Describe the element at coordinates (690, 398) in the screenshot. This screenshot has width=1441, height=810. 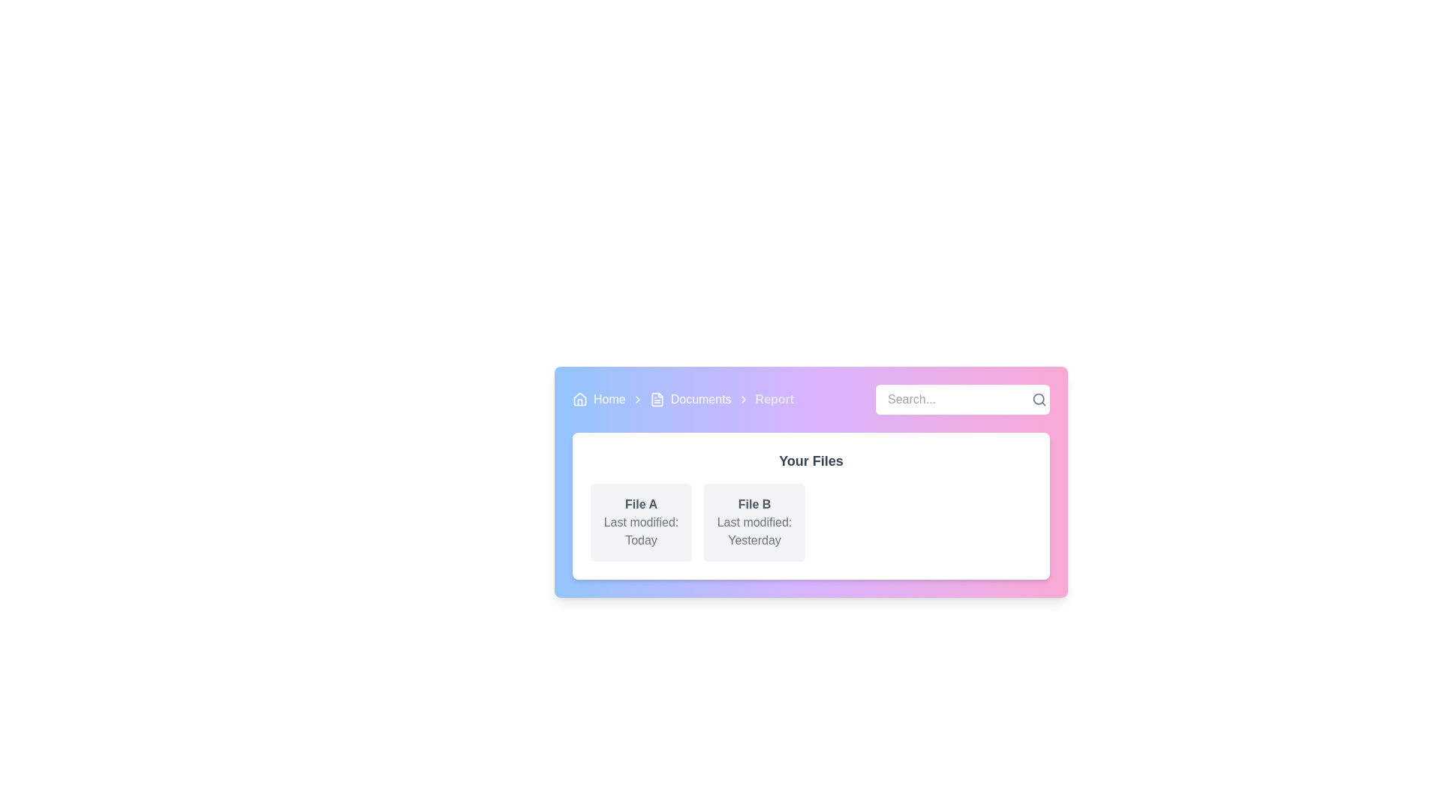
I see `the 'Documents' clickable navigation link with an icon` at that location.